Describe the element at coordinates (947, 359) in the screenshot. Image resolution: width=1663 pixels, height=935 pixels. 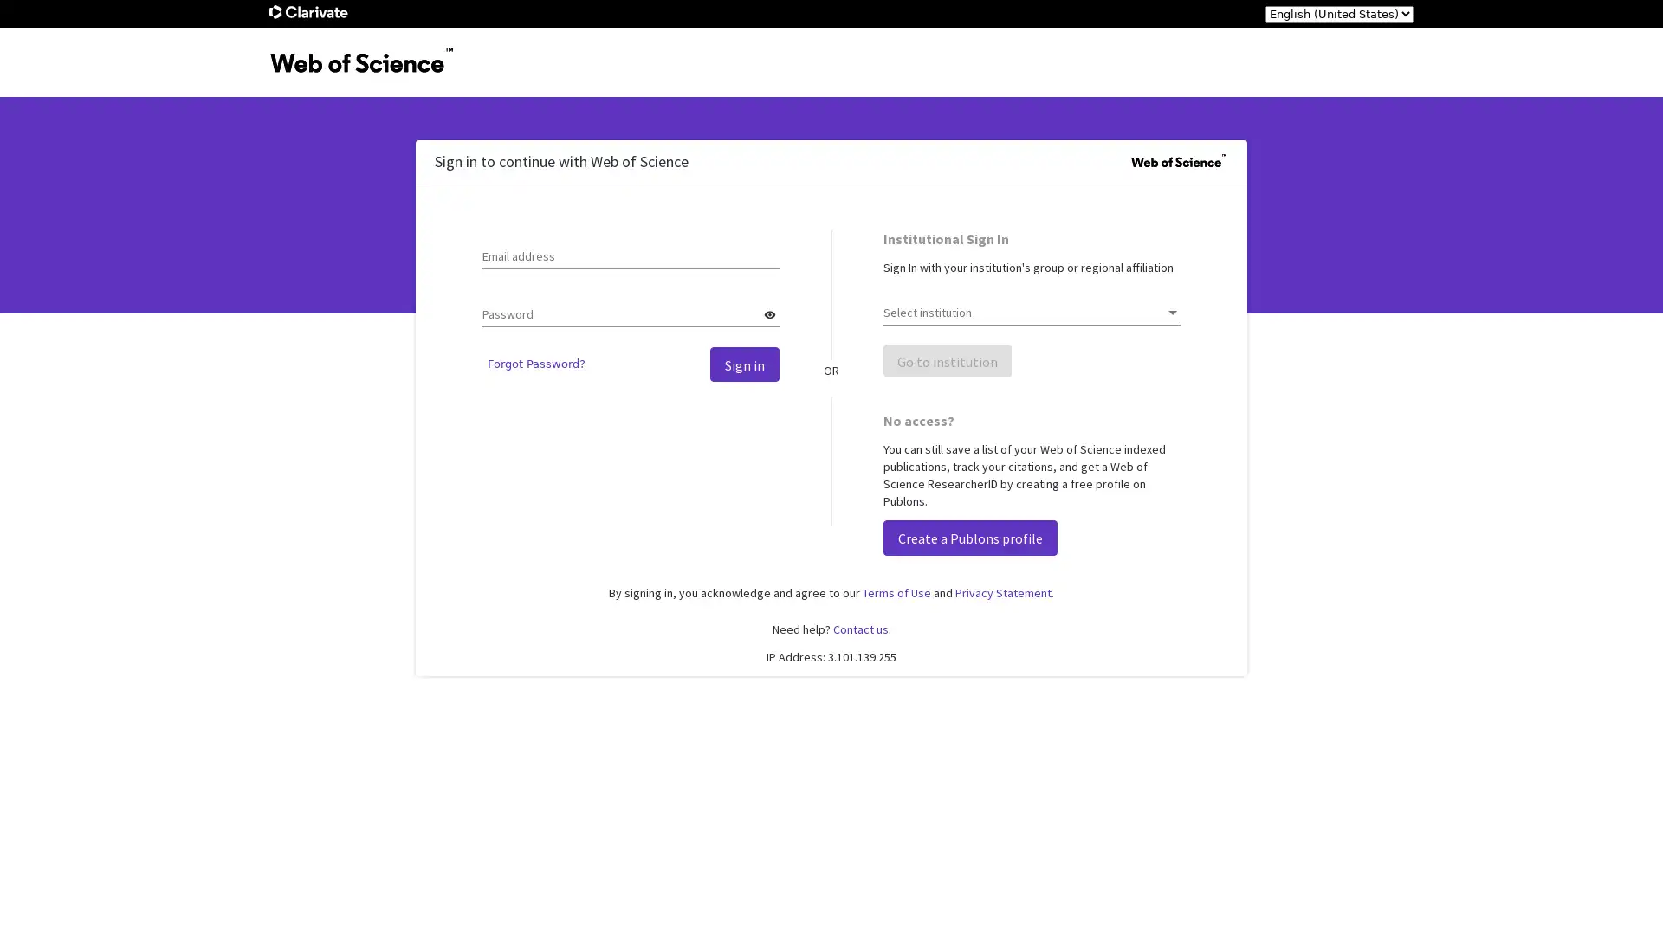
I see `Go to institution` at that location.